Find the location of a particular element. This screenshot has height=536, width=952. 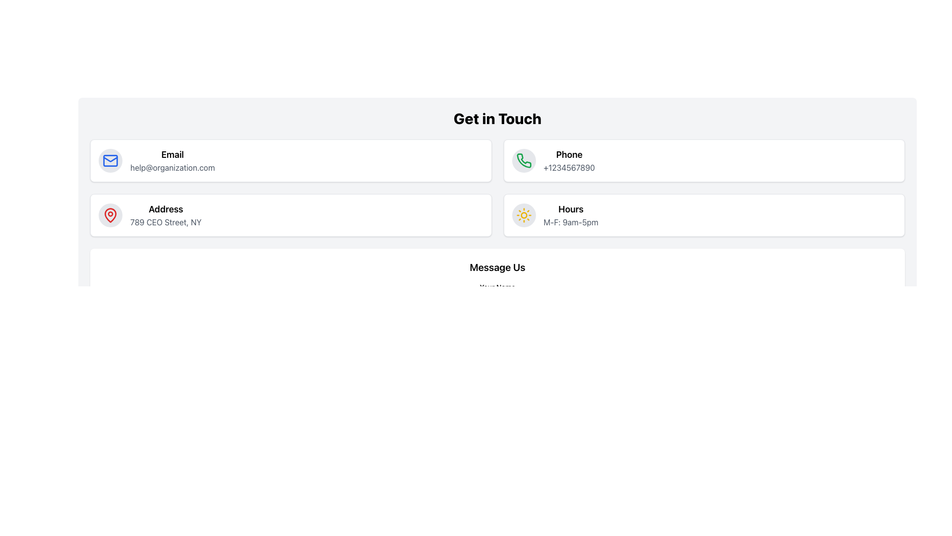

the bolded text label reading 'Address' which serves as a heading for the address details below it is located at coordinates (166, 208).